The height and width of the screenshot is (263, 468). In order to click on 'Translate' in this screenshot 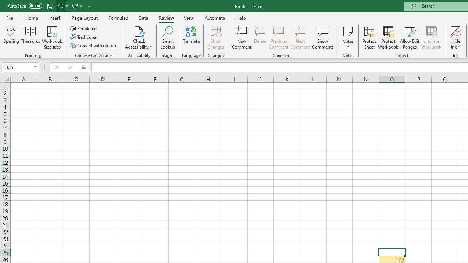, I will do `click(191, 38)`.